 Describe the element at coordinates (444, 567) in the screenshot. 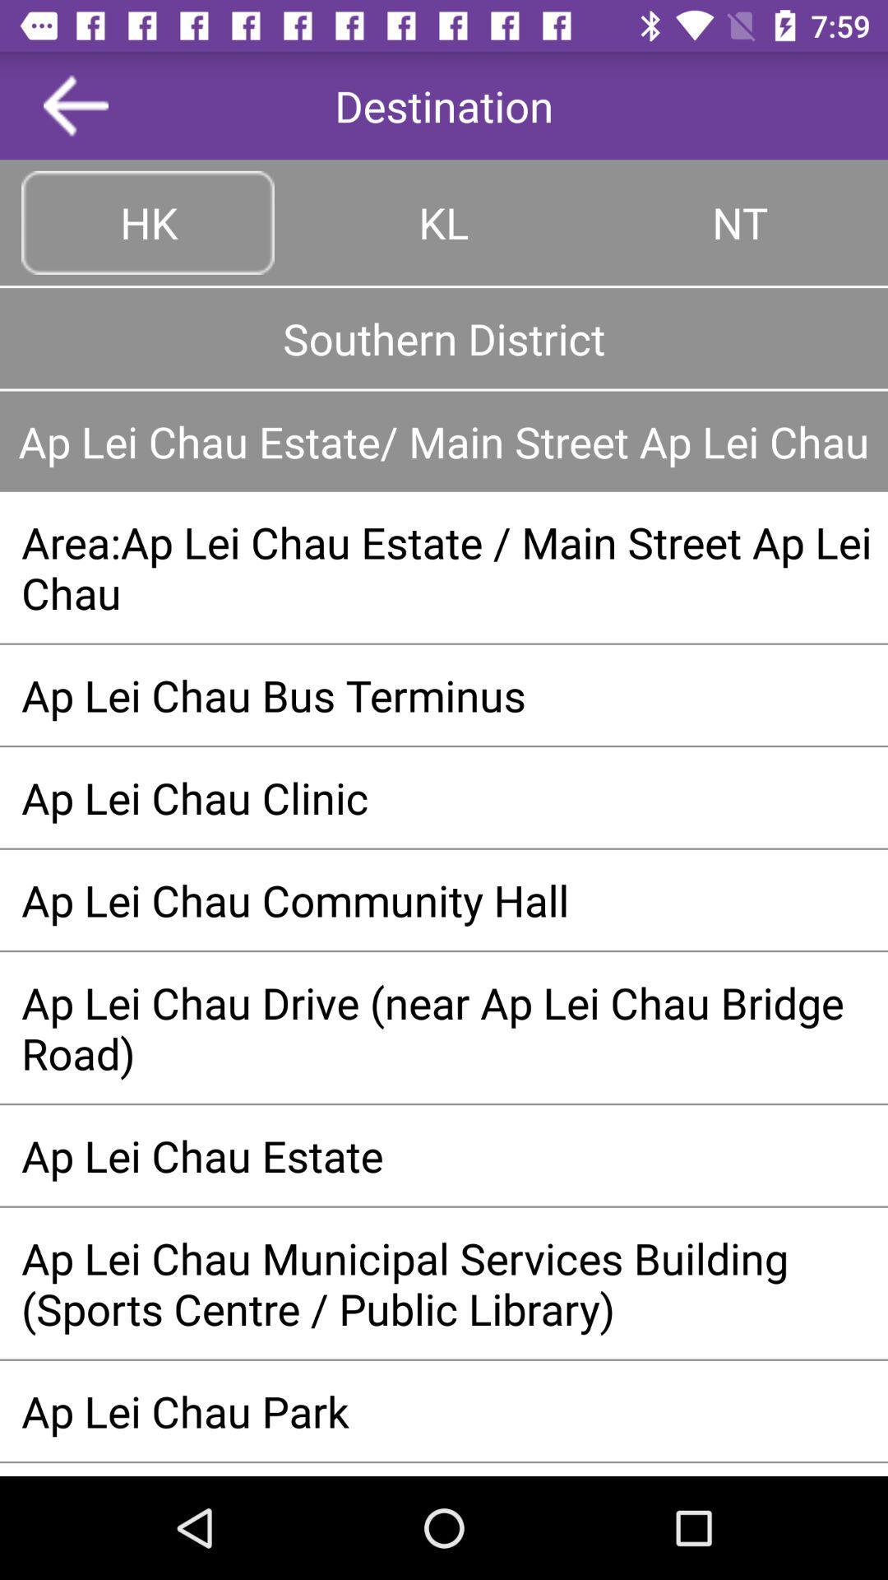

I see `area ap lei item` at that location.